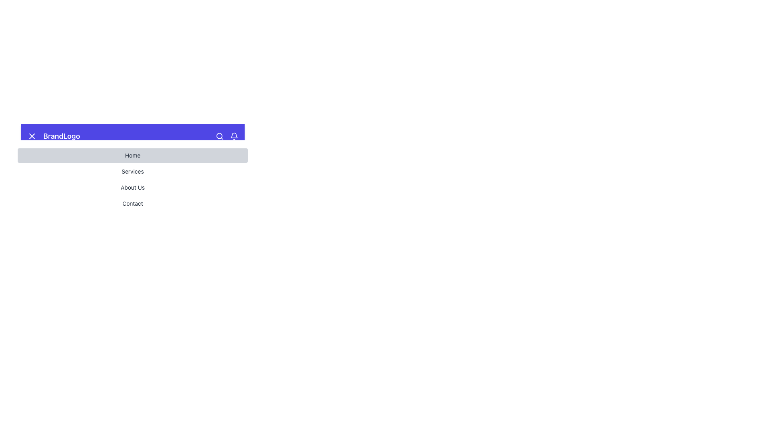  Describe the element at coordinates (234, 135) in the screenshot. I see `the visual appearance of the stylized bell icon located in the top navigation bar, adjacent to a search icon` at that location.